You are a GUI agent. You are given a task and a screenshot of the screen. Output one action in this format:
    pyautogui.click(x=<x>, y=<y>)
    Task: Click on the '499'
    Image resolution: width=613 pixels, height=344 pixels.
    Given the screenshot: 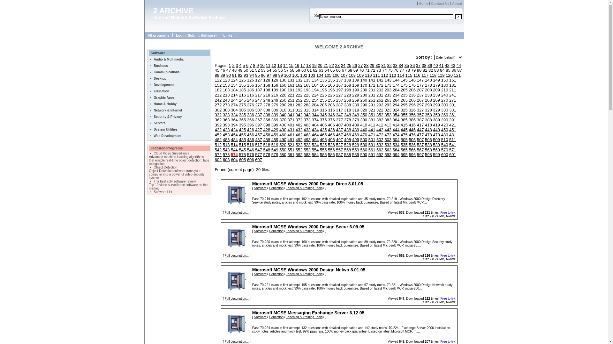 What is the action you would take?
    pyautogui.click(x=352, y=139)
    